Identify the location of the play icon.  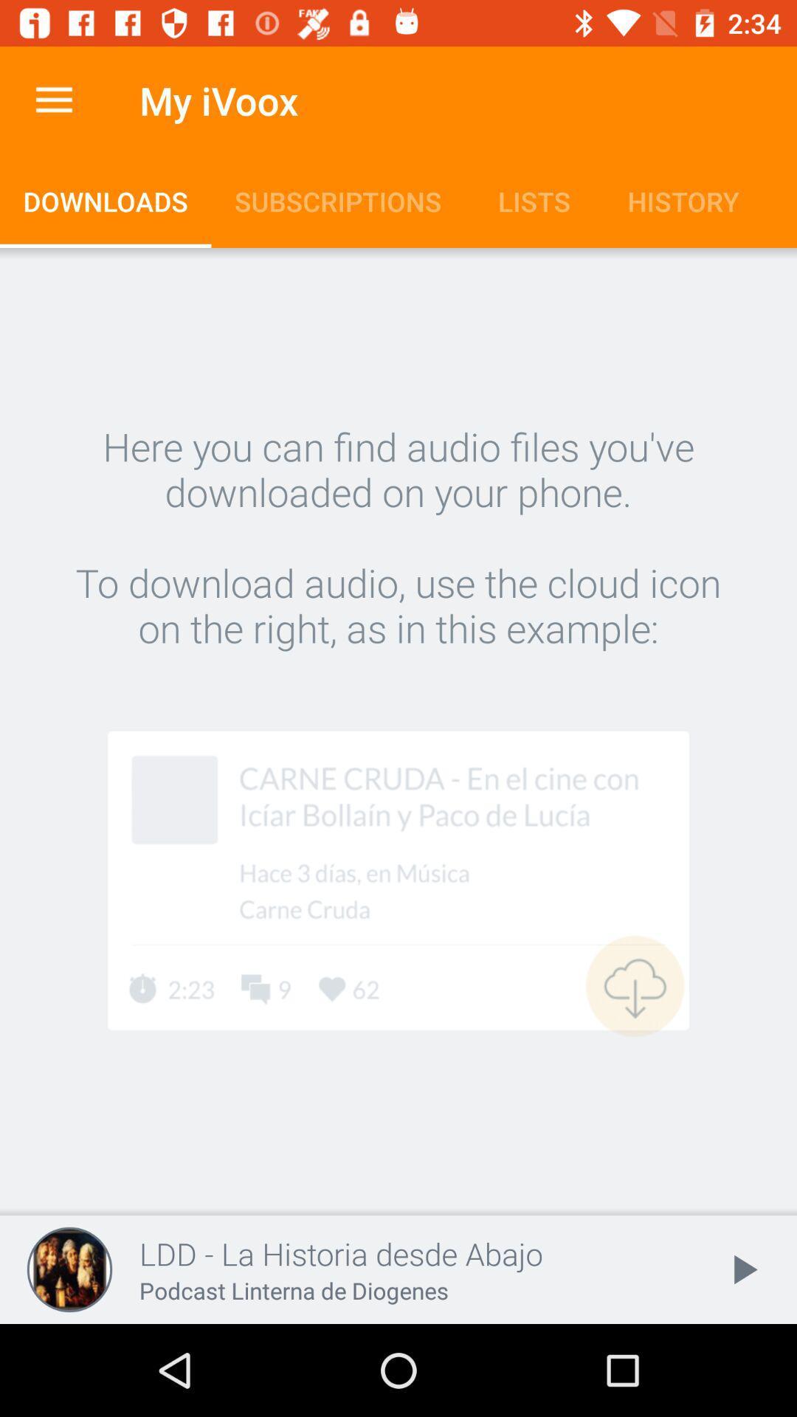
(742, 1269).